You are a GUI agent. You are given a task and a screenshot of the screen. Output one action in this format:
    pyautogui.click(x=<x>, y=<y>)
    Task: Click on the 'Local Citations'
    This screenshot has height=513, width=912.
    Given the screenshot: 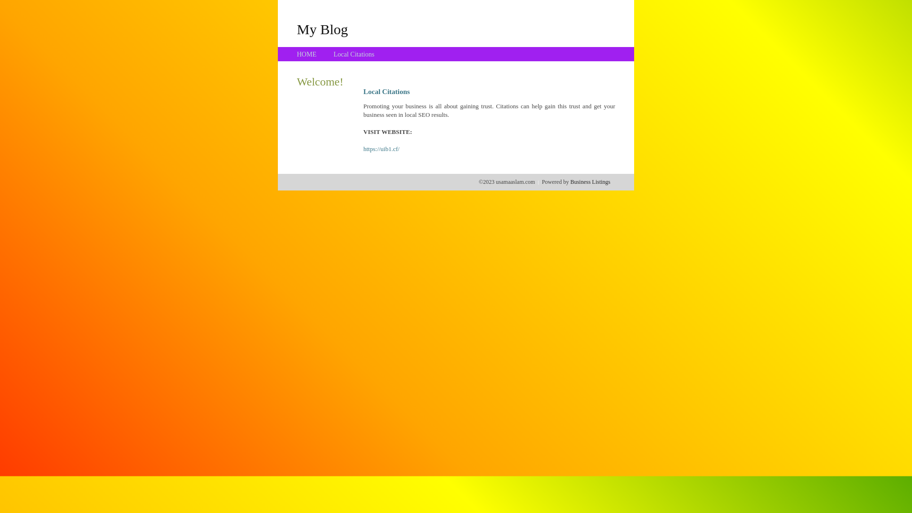 What is the action you would take?
    pyautogui.click(x=333, y=54)
    